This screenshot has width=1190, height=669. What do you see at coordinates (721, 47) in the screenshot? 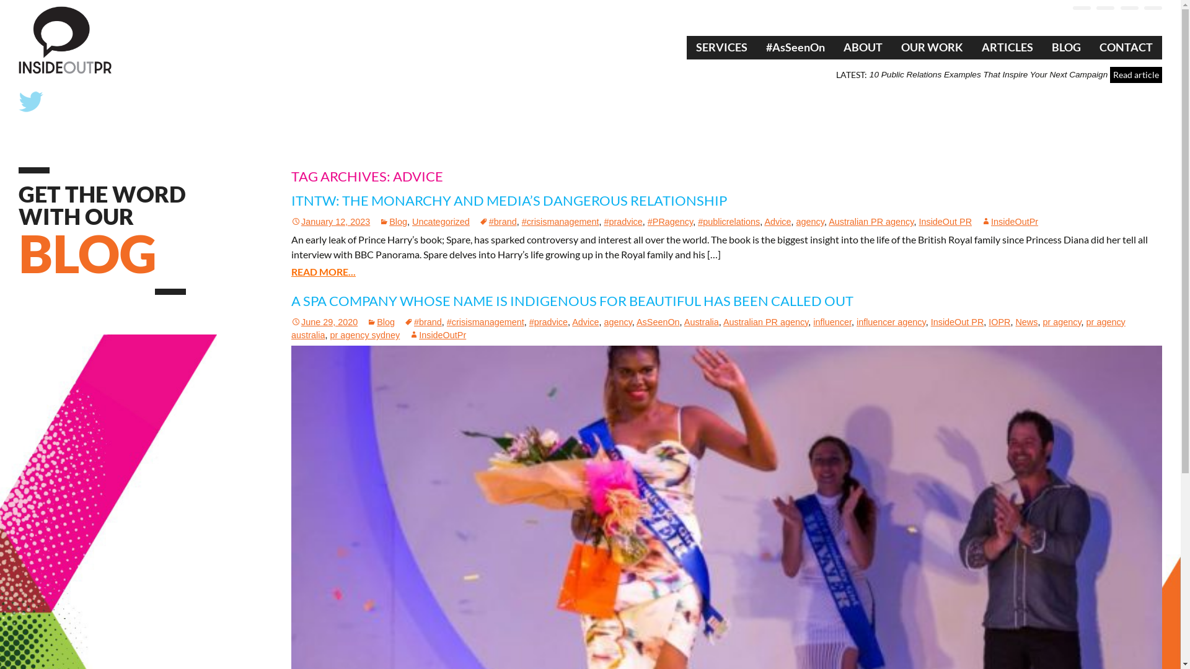
I see `'SERVICES'` at bounding box center [721, 47].